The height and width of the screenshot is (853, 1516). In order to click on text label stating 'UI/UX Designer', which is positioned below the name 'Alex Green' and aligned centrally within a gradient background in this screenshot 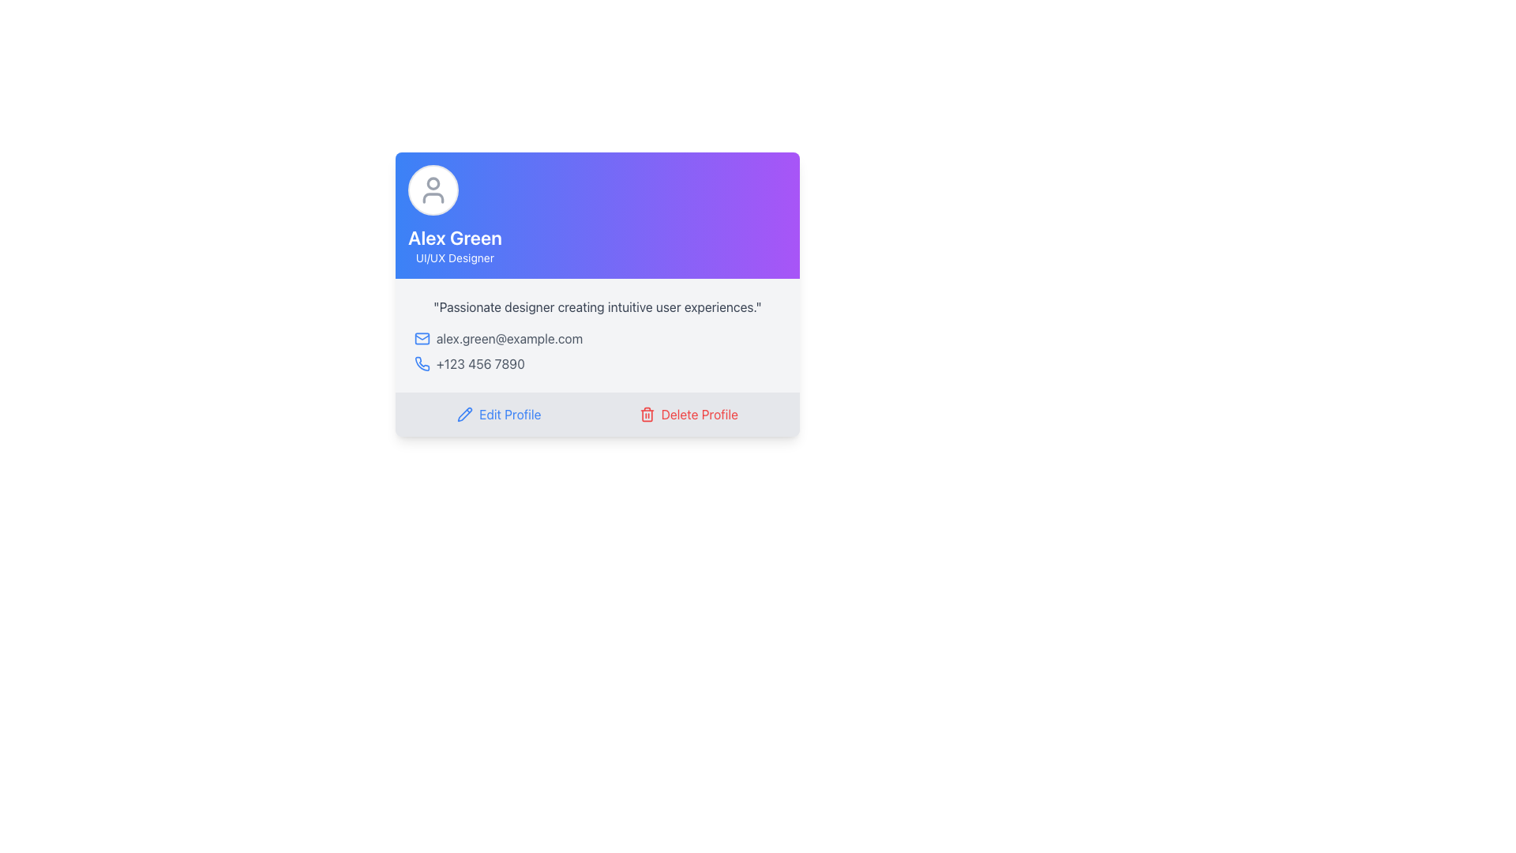, I will do `click(454, 257)`.